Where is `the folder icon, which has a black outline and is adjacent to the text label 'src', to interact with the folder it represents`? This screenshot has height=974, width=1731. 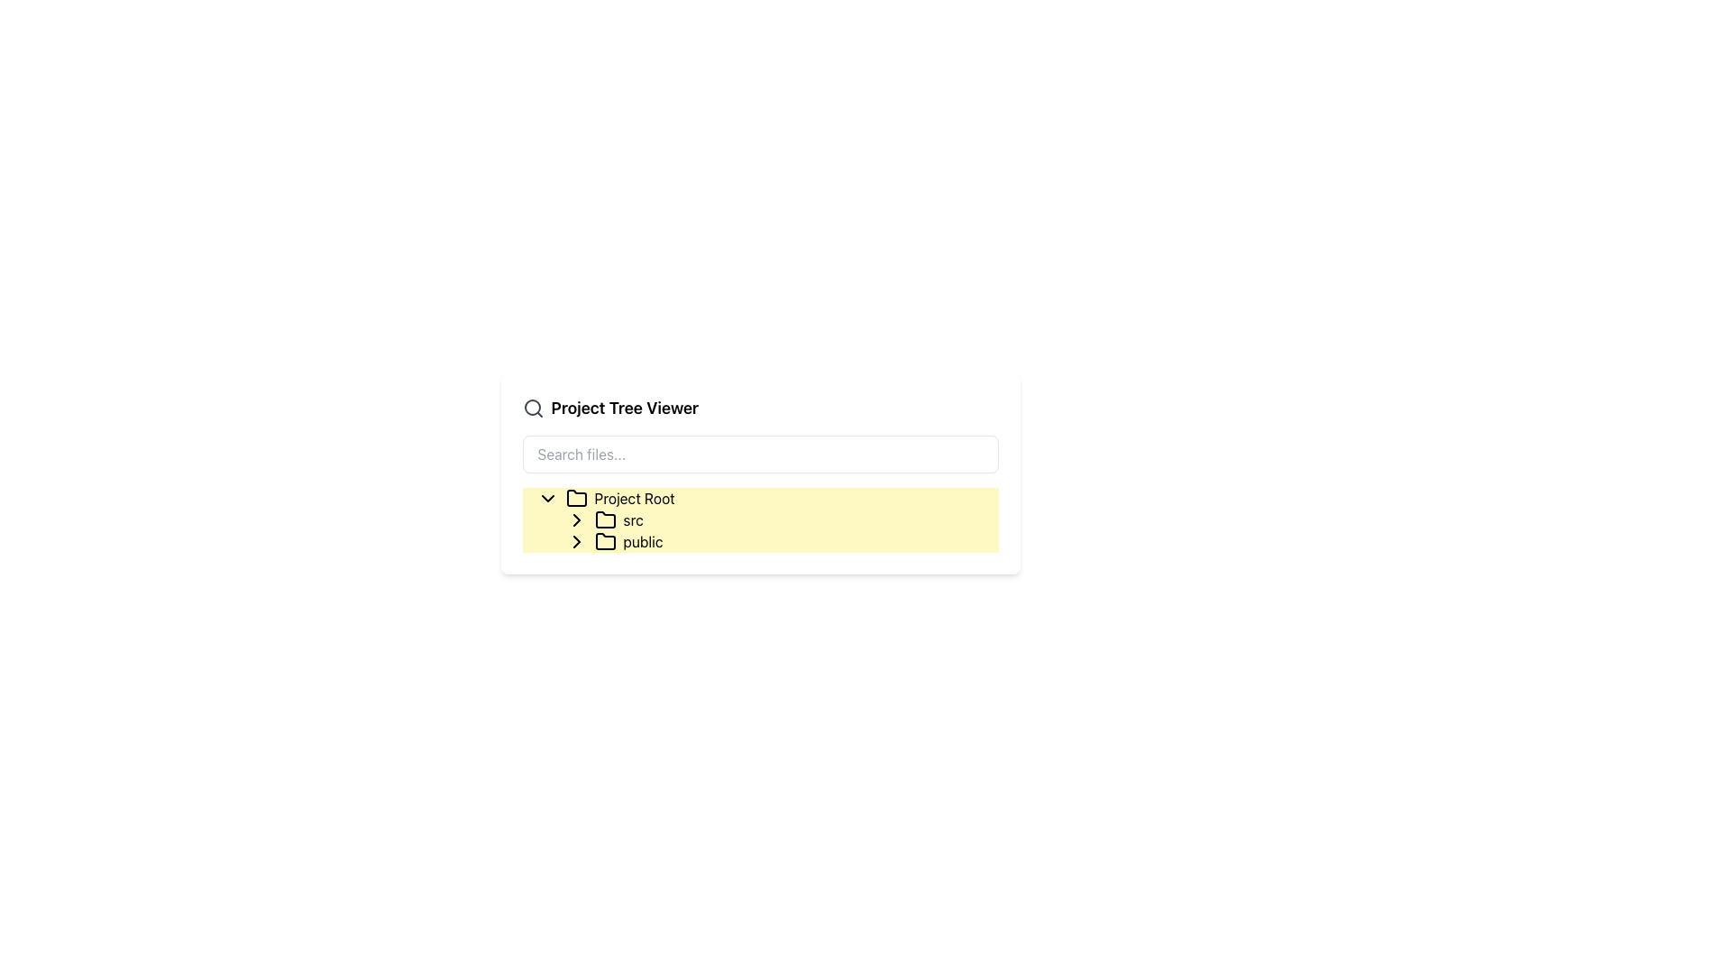
the folder icon, which has a black outline and is adjacent to the text label 'src', to interact with the folder it represents is located at coordinates (605, 520).